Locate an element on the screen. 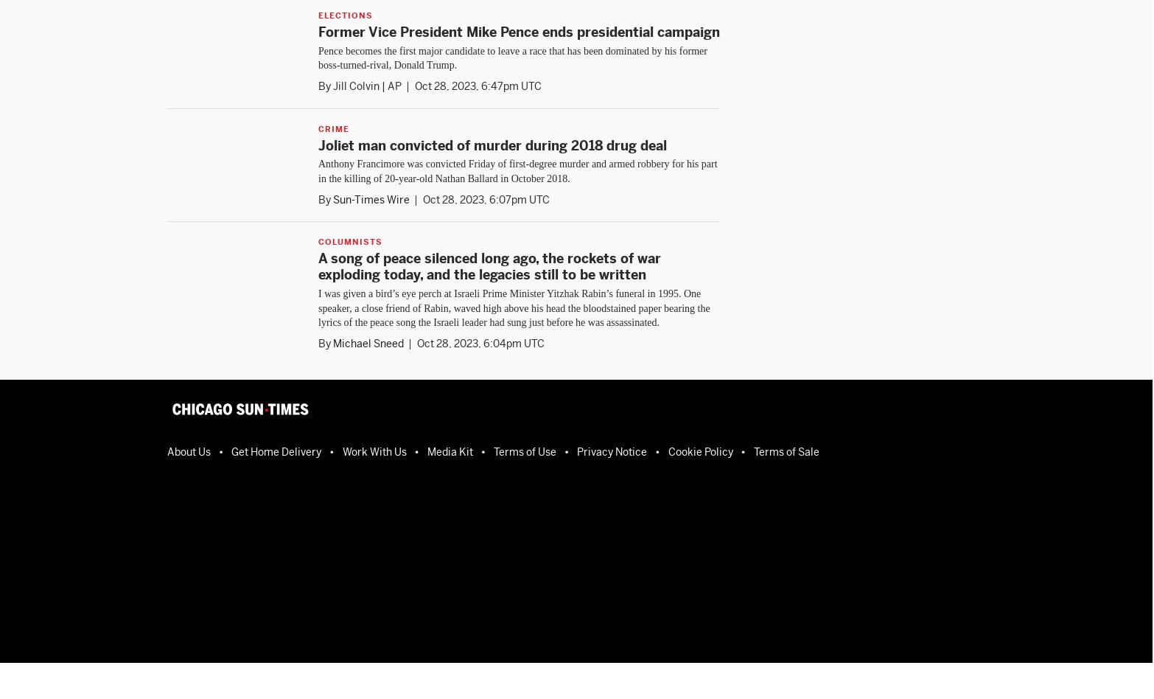 The image size is (1154, 699). 'Joliet man convicted of murder during 2018 drug deal' is located at coordinates (492, 144).